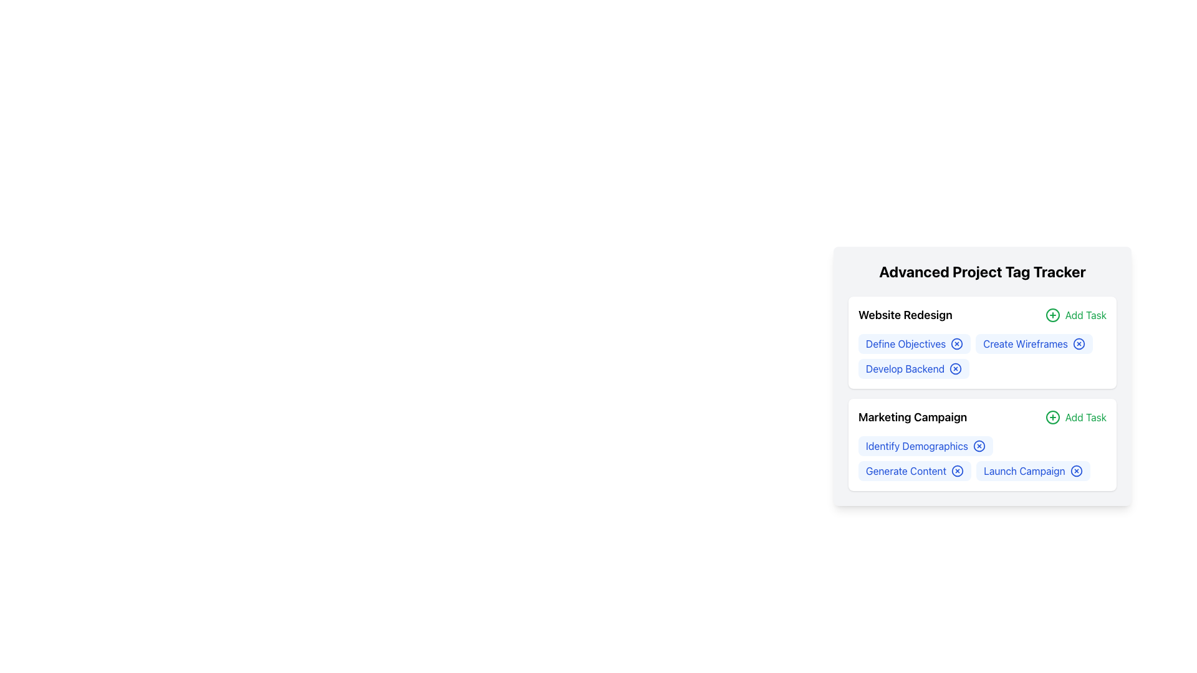 The height and width of the screenshot is (673, 1197). Describe the element at coordinates (1075, 471) in the screenshot. I see `the Close Button icon, which is a small circular icon with a cross in its center, located to the right of the 'Launch Campaign' label within the 'Marketing Campaign' section` at that location.